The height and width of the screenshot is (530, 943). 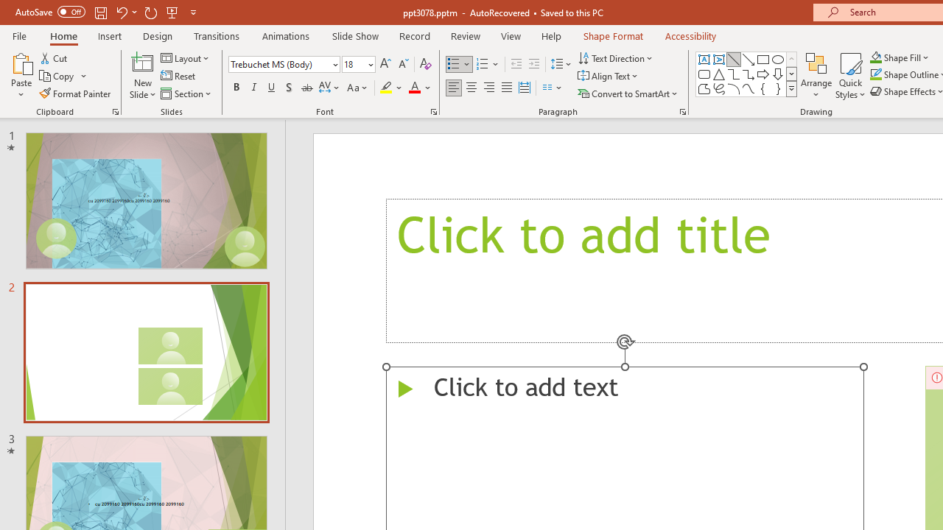 I want to click on 'Rectangle: Rounded Corners', so click(x=704, y=74).